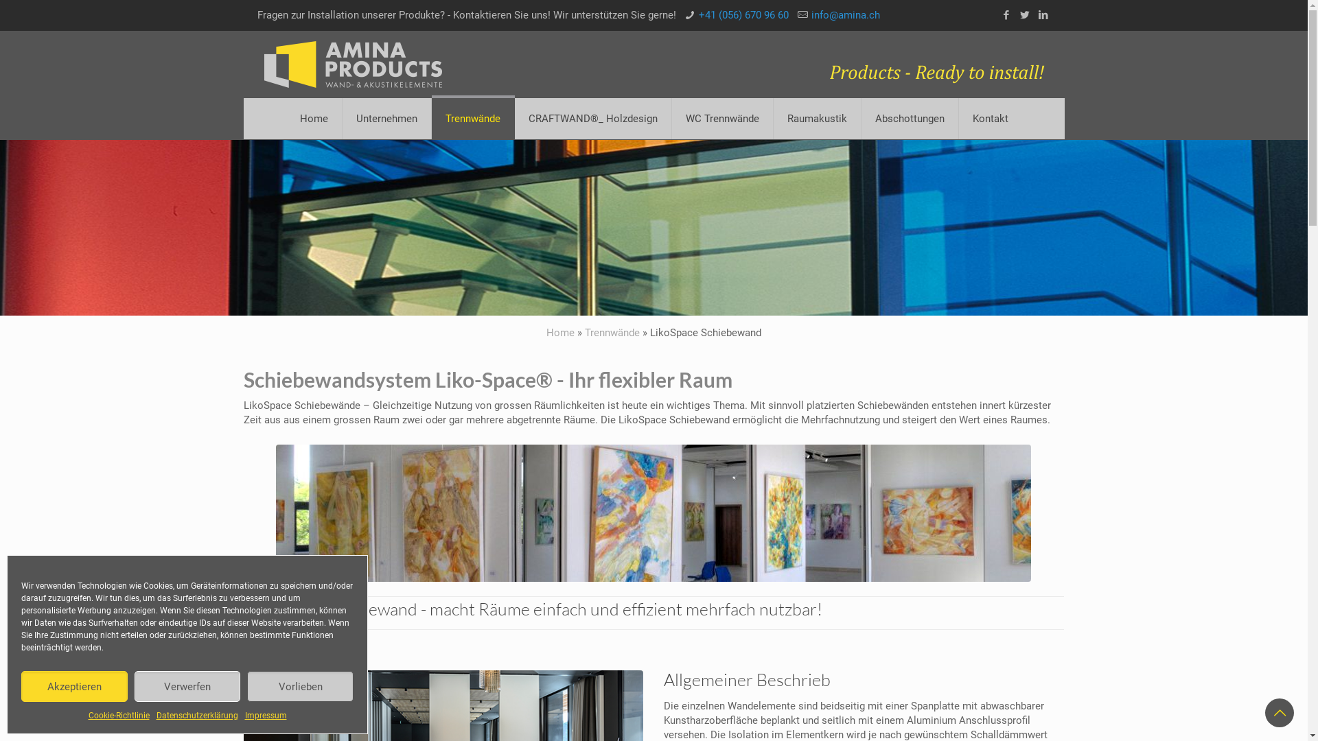  What do you see at coordinates (135, 686) in the screenshot?
I see `'Verwerfen'` at bounding box center [135, 686].